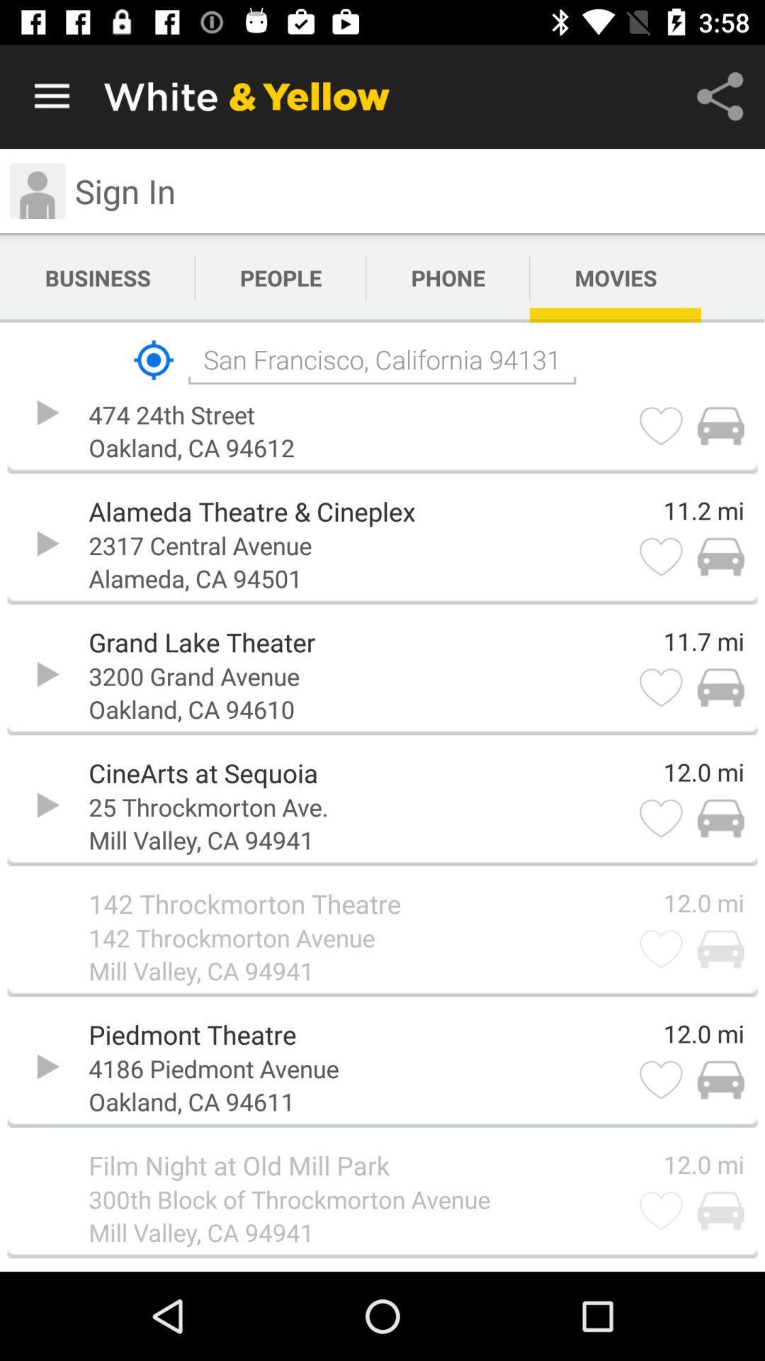 This screenshot has width=765, height=1361. What do you see at coordinates (154, 360) in the screenshot?
I see `item to the left of san francisco california icon` at bounding box center [154, 360].